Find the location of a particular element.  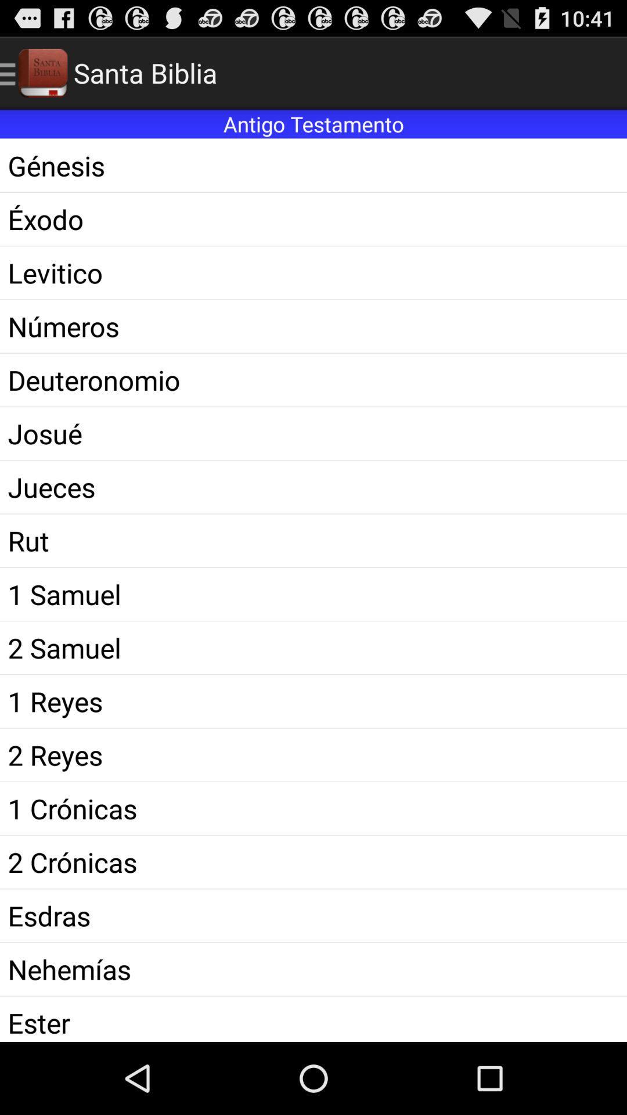

the app above 1 samuel is located at coordinates (313, 540).